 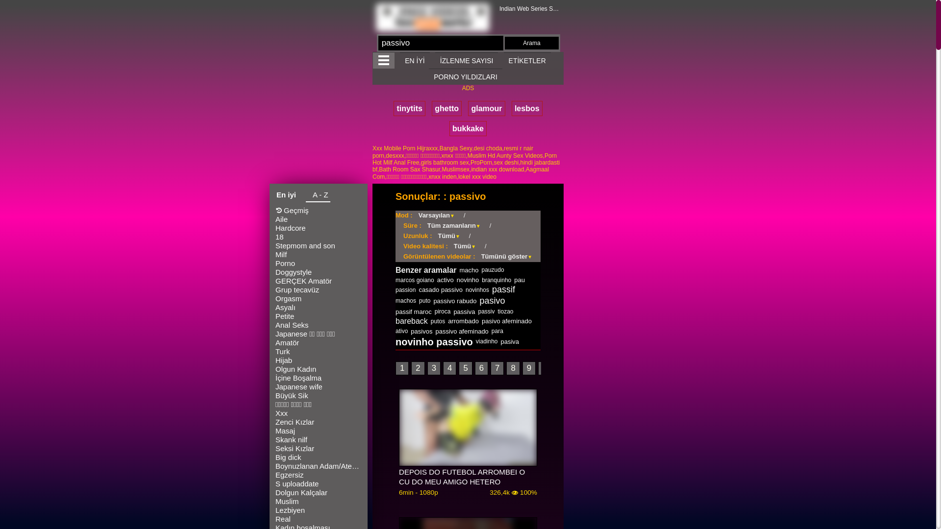 What do you see at coordinates (432, 300) in the screenshot?
I see `'passivo rabudo'` at bounding box center [432, 300].